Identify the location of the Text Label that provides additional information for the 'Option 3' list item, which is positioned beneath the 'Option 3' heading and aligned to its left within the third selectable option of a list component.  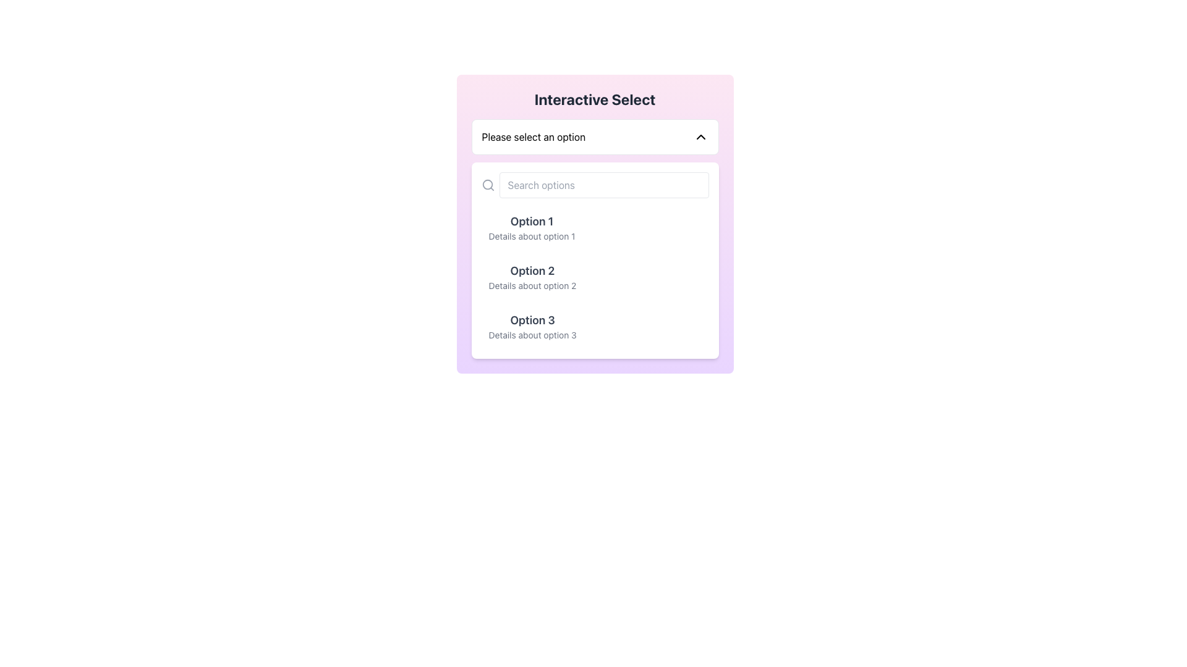
(532, 335).